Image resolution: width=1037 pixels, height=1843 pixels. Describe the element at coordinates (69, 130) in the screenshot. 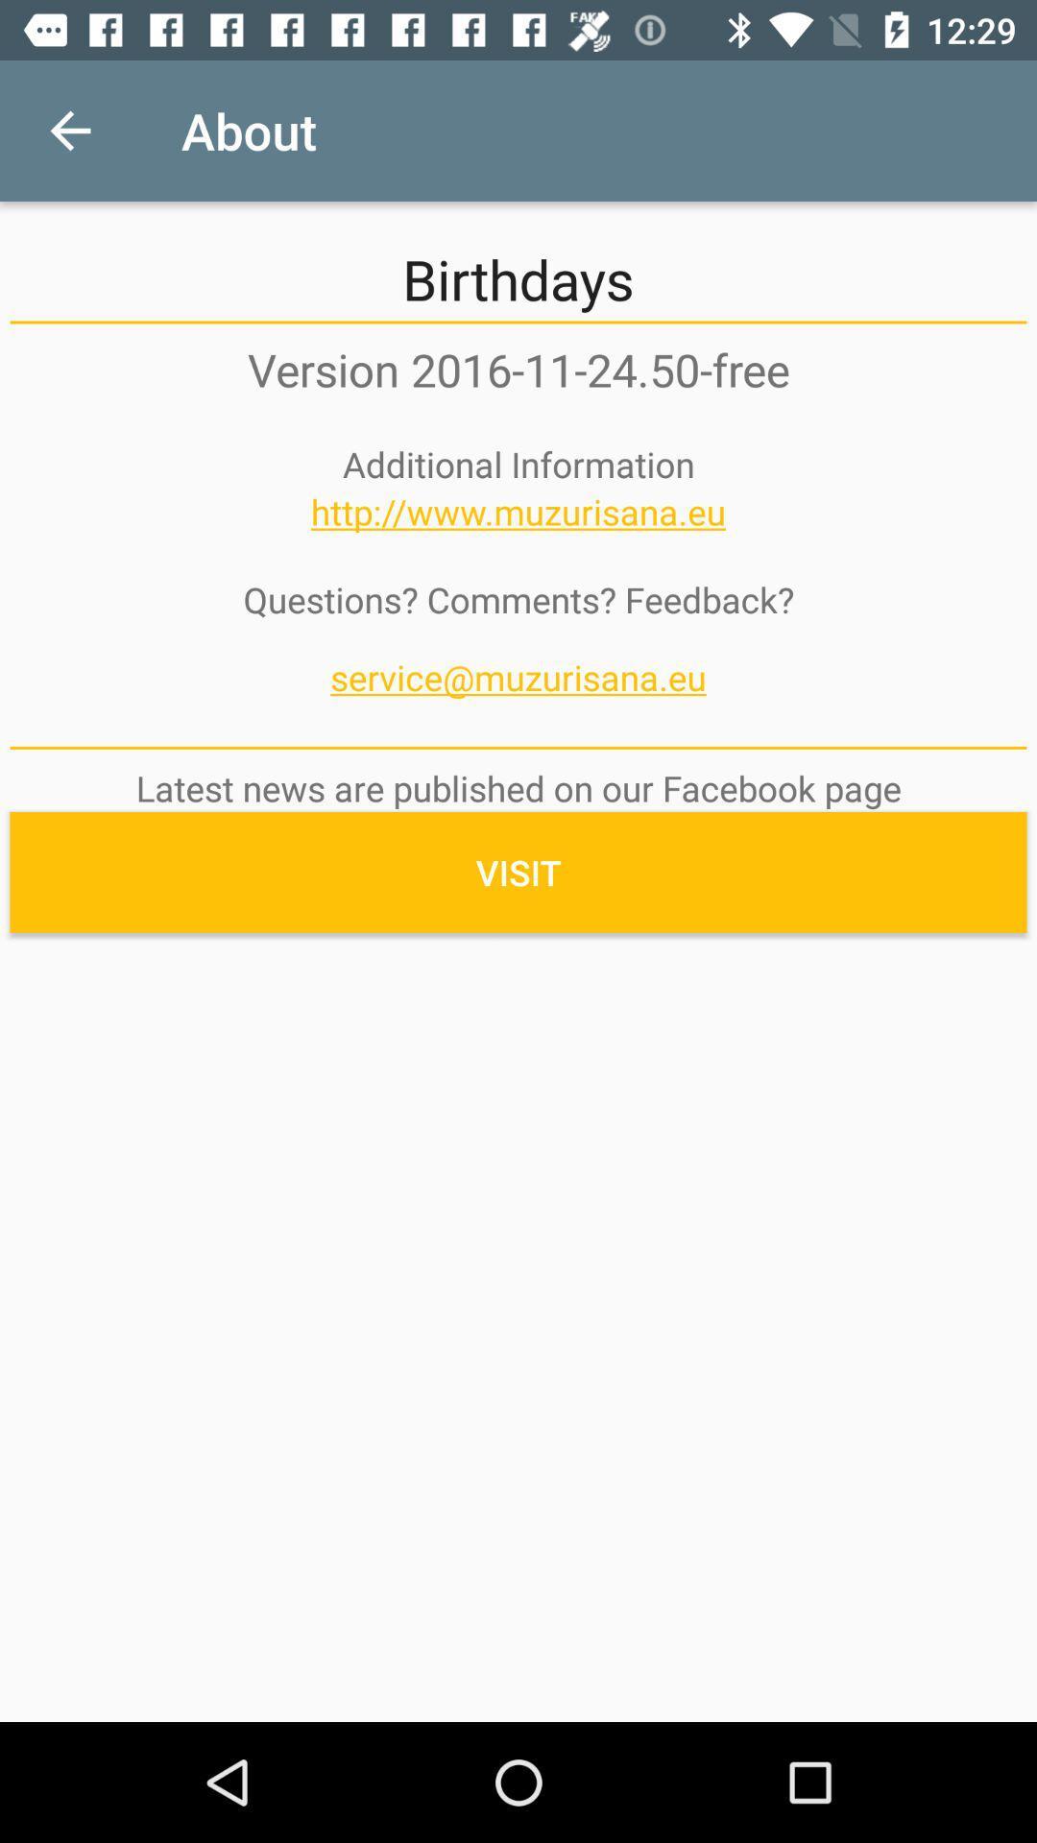

I see `item to the left of about item` at that location.